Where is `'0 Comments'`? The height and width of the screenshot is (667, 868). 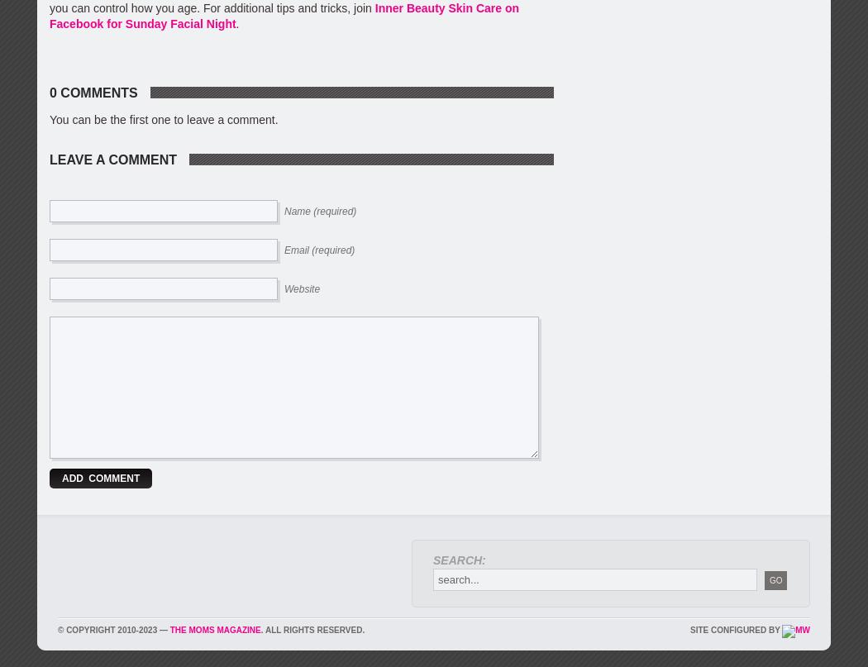 '0 Comments' is located at coordinates (93, 92).